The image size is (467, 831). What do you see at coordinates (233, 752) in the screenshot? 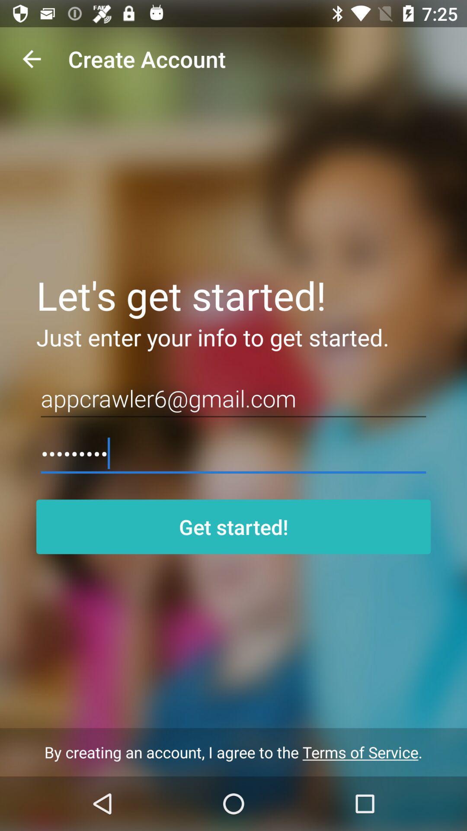
I see `by creating an` at bounding box center [233, 752].